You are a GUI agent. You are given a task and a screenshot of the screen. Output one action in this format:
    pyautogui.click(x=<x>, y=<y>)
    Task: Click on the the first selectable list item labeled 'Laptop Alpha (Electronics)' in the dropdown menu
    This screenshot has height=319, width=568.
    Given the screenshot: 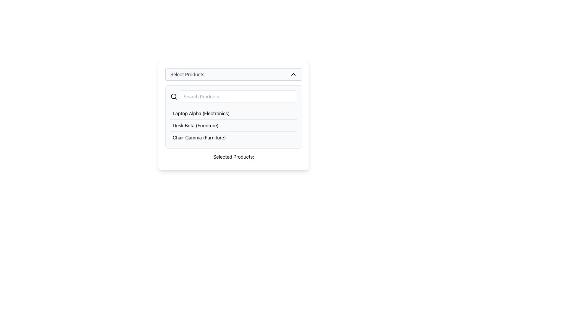 What is the action you would take?
    pyautogui.click(x=233, y=113)
    